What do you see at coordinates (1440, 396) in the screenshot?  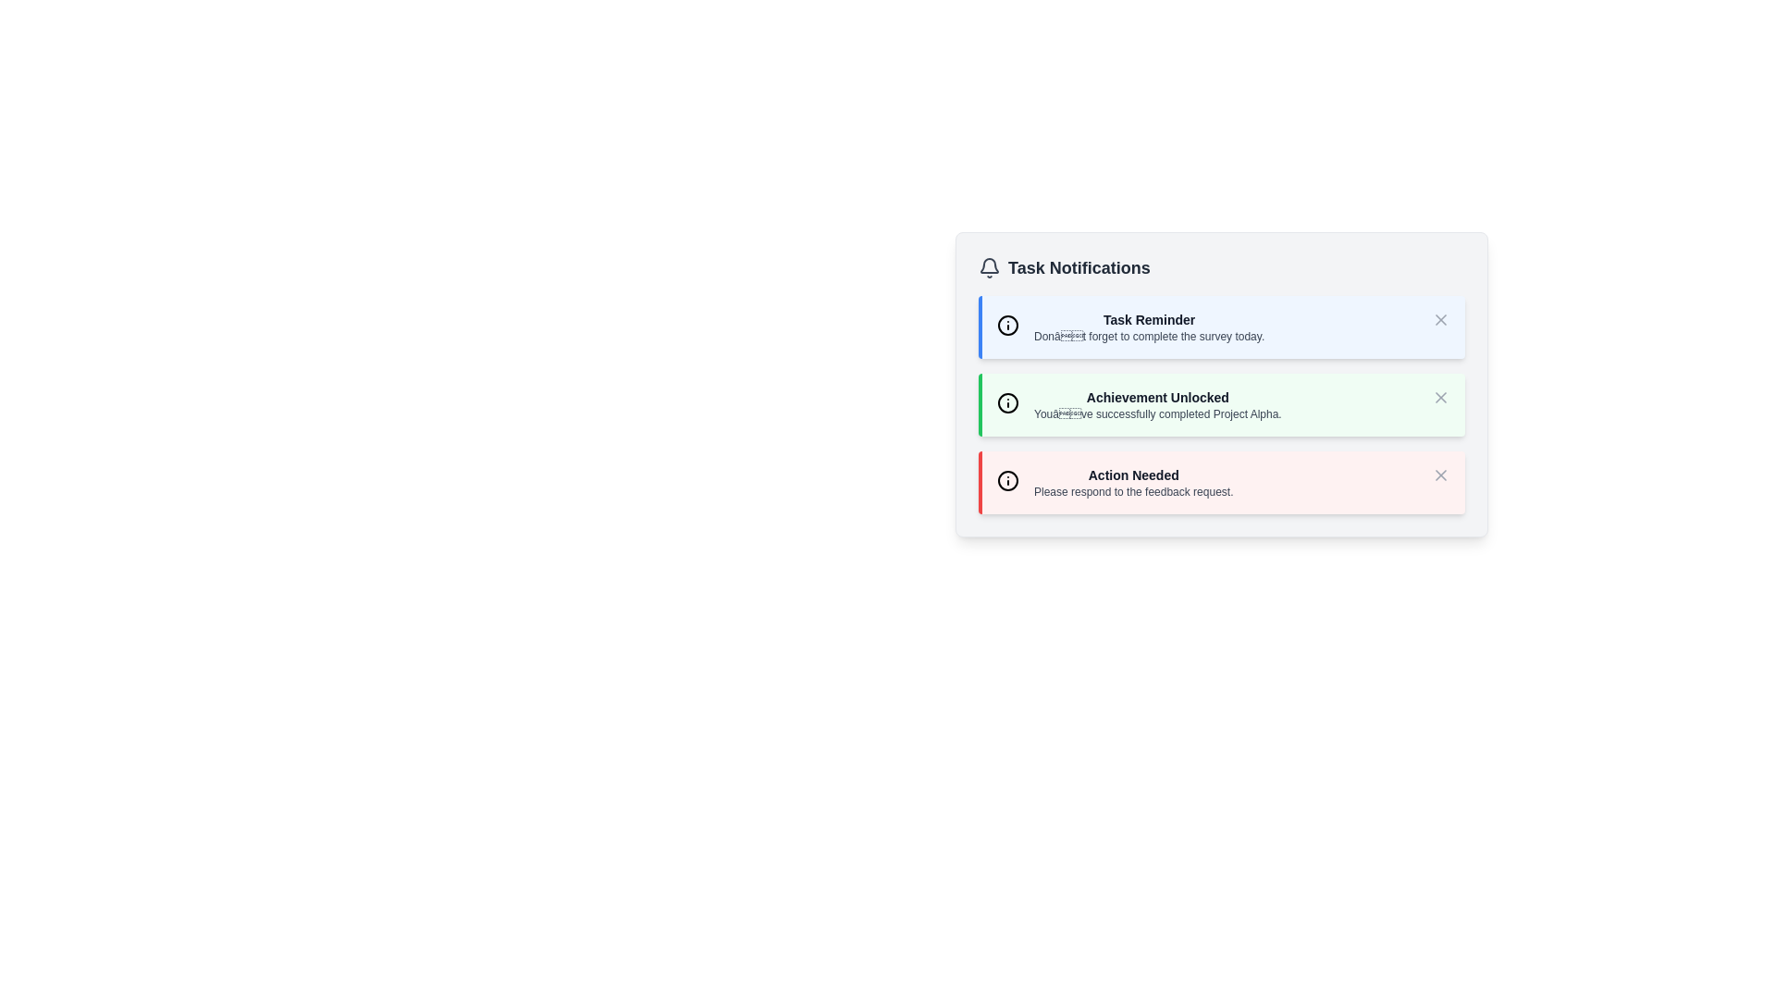 I see `the close button icon, which is the second button in the notification card` at bounding box center [1440, 396].